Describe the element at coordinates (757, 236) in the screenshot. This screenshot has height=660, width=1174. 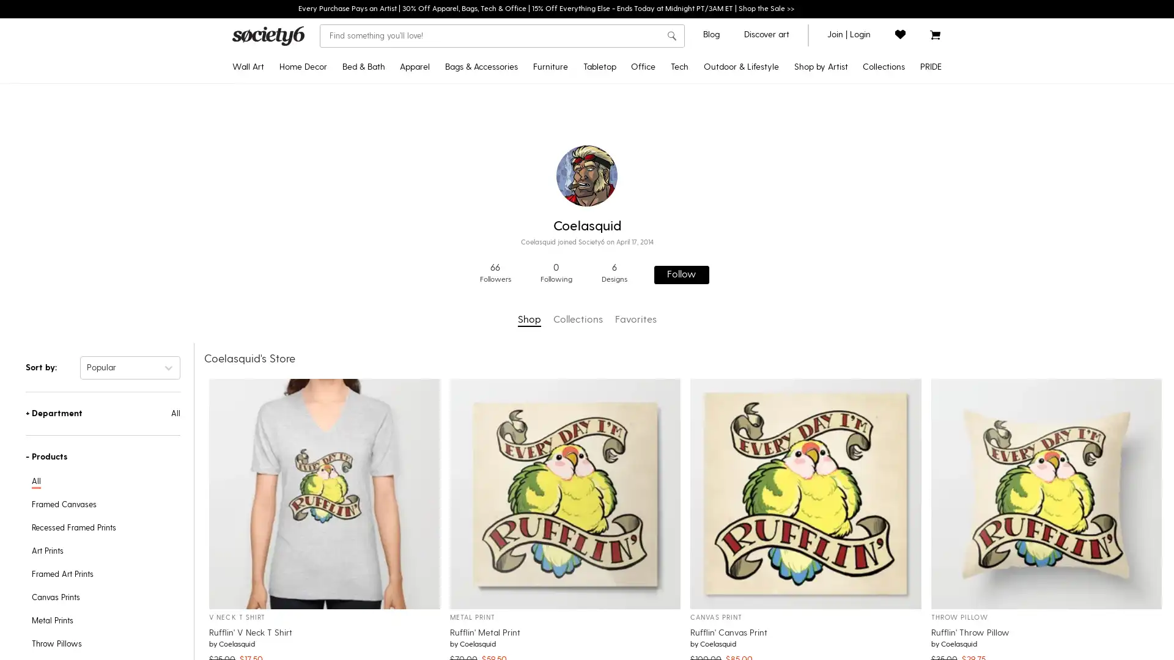
I see `Wine Chillers` at that location.